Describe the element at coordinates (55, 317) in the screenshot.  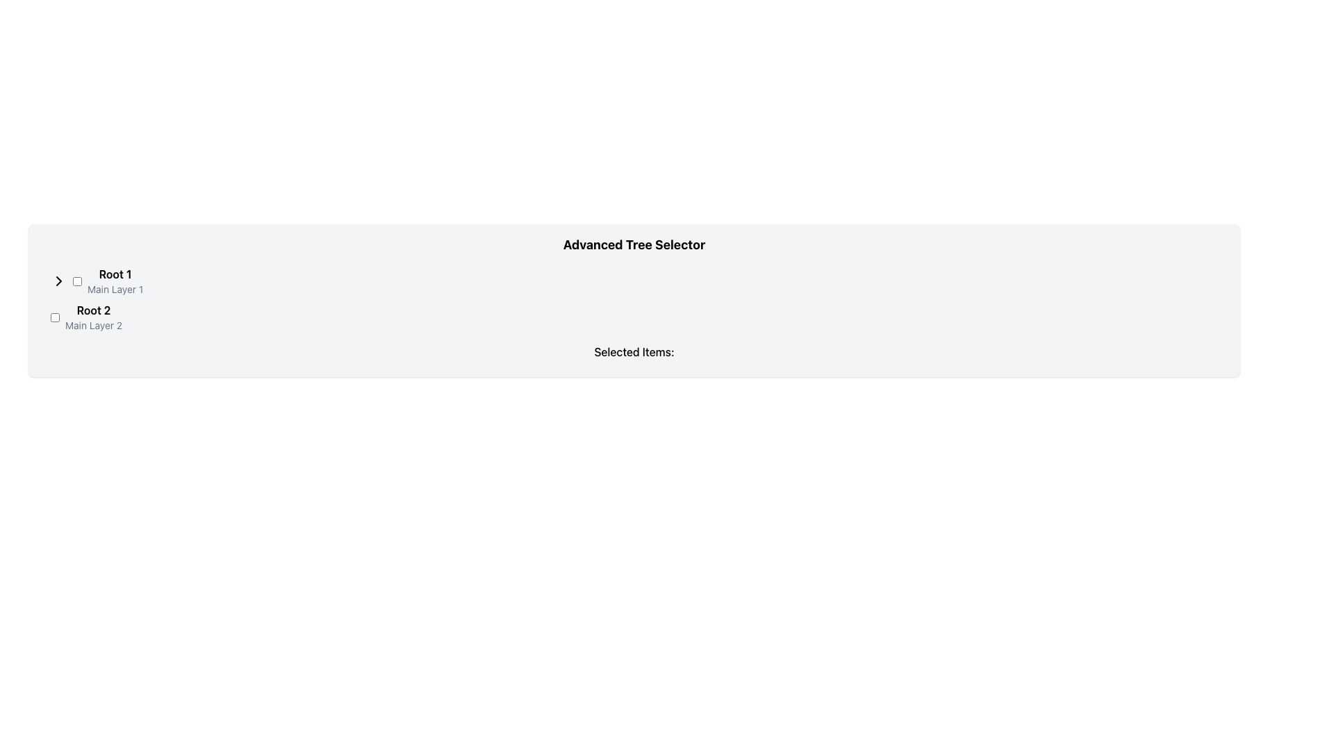
I see `the checkbox located to the left of the label 'Root 2' and 'Main Layer 2'` at that location.